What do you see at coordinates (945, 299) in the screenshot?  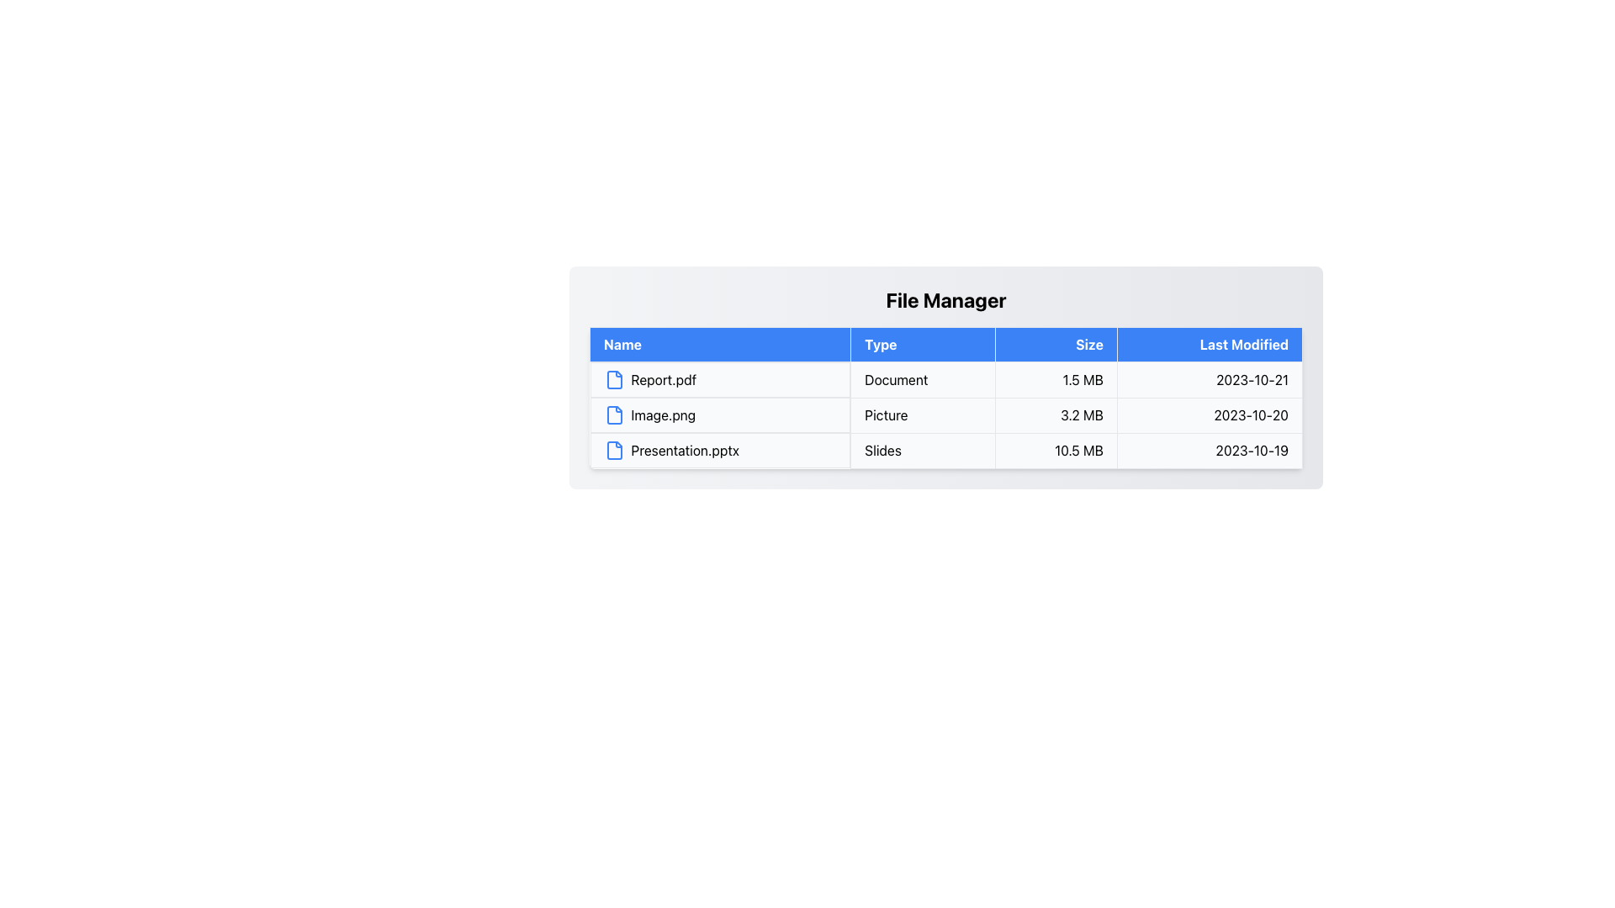 I see `the 'File Manager' title text label, which is bold and large, located at the top of a table-like structure in a gradient background` at bounding box center [945, 299].